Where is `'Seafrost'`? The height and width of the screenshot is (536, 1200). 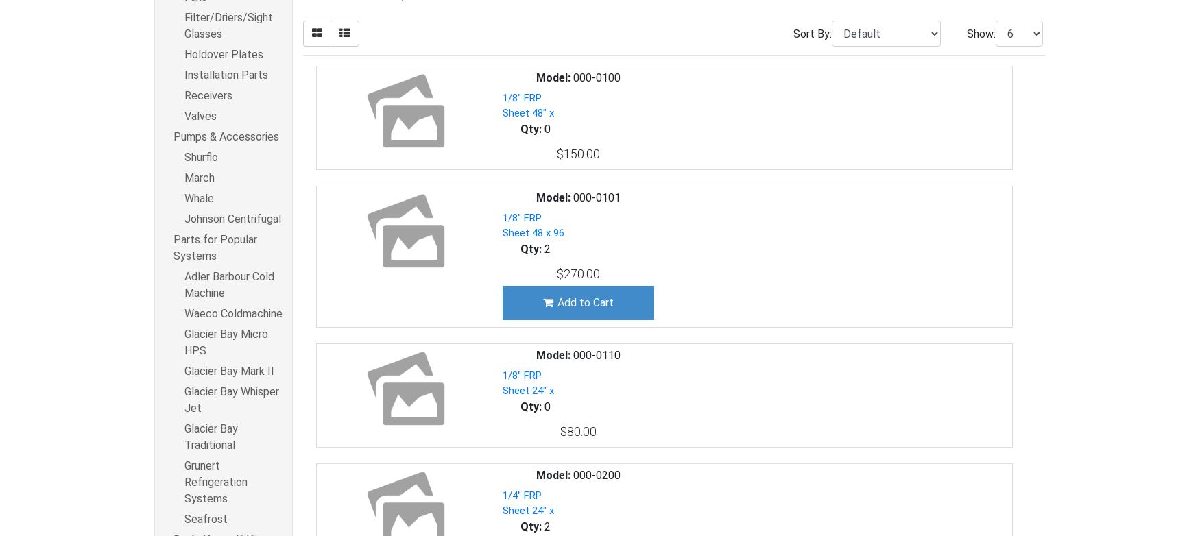
'Seafrost' is located at coordinates (205, 518).